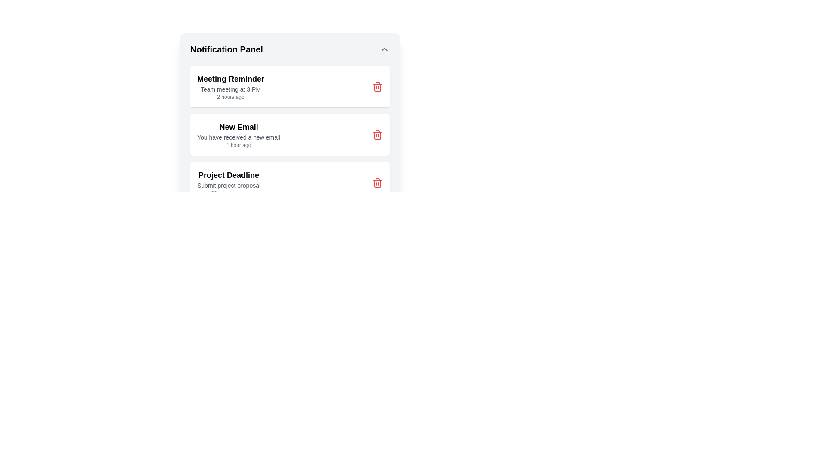 This screenshot has height=464, width=825. What do you see at coordinates (229, 185) in the screenshot?
I see `the text label that reads 'Submit project proposal', which is styled in gray and positioned below 'Project Deadline'` at bounding box center [229, 185].